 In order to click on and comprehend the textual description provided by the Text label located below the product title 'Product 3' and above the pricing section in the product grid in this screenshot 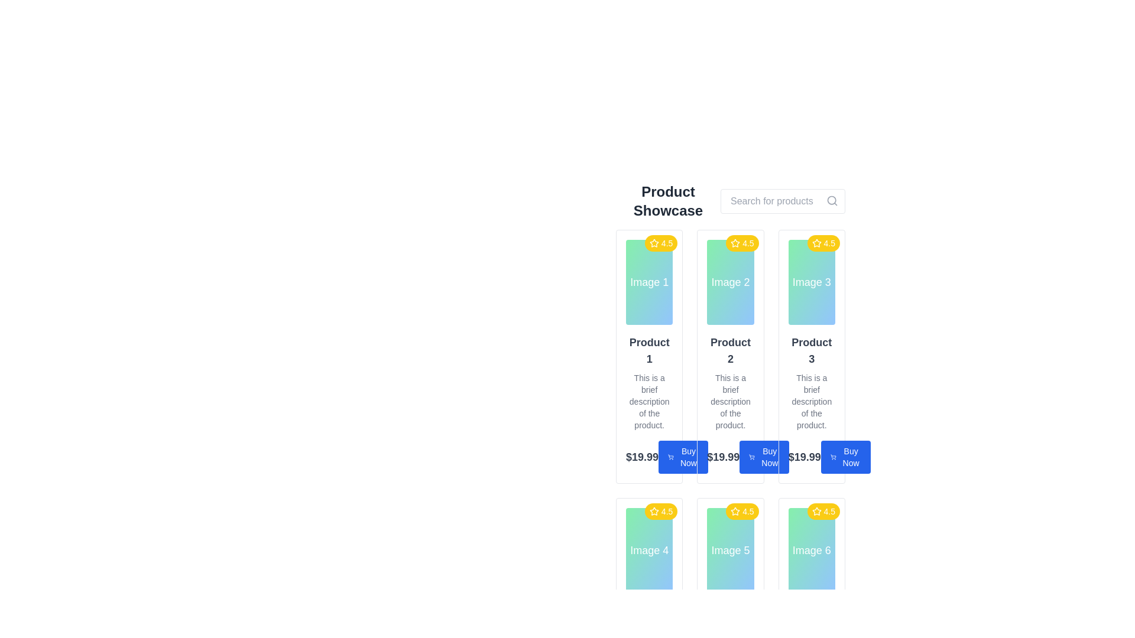, I will do `click(811, 401)`.